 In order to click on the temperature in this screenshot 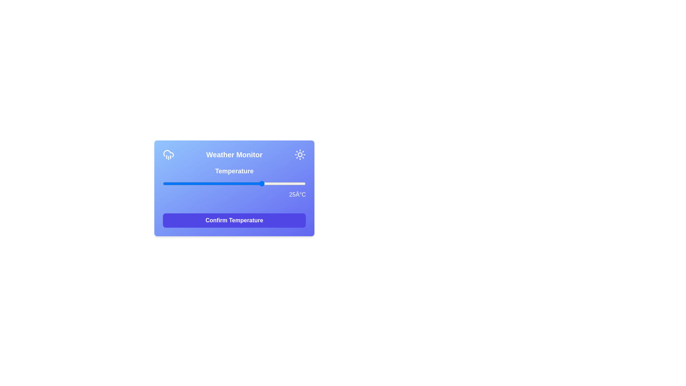, I will do `click(277, 183)`.